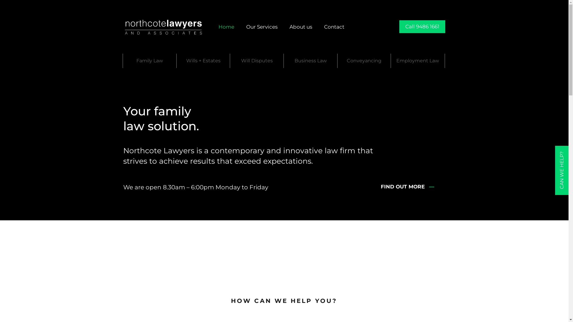 This screenshot has height=322, width=573. I want to click on 'Business Law', so click(310, 61).